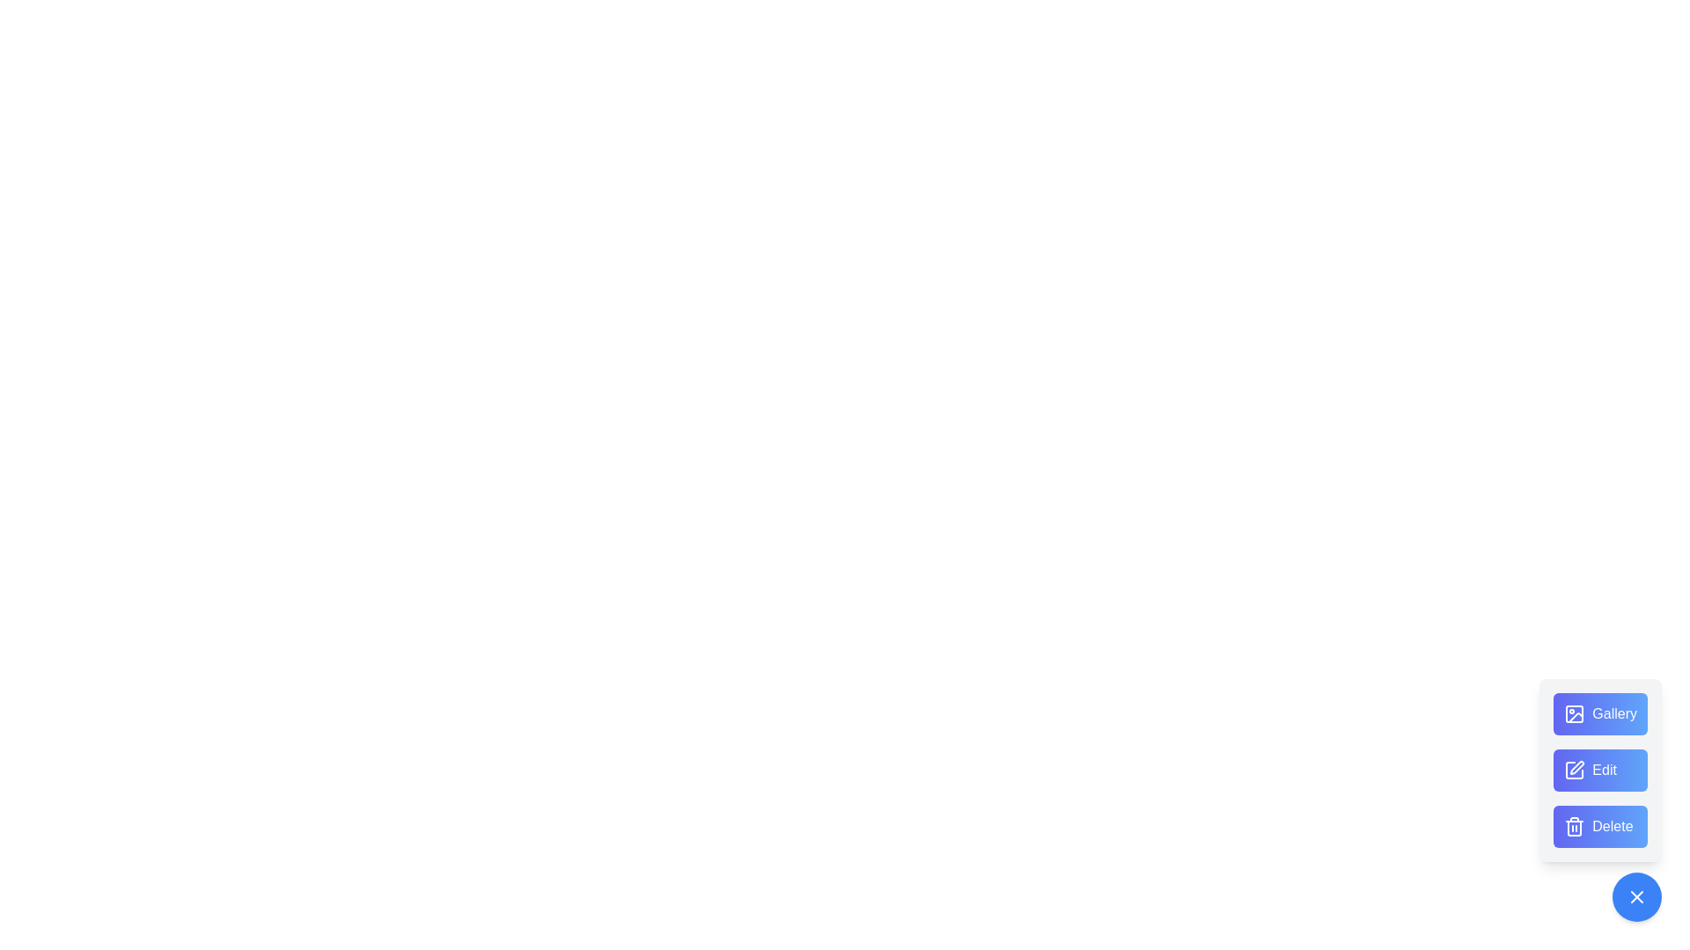  What do you see at coordinates (1600, 714) in the screenshot?
I see `the 'Gallery' button to view the gallery` at bounding box center [1600, 714].